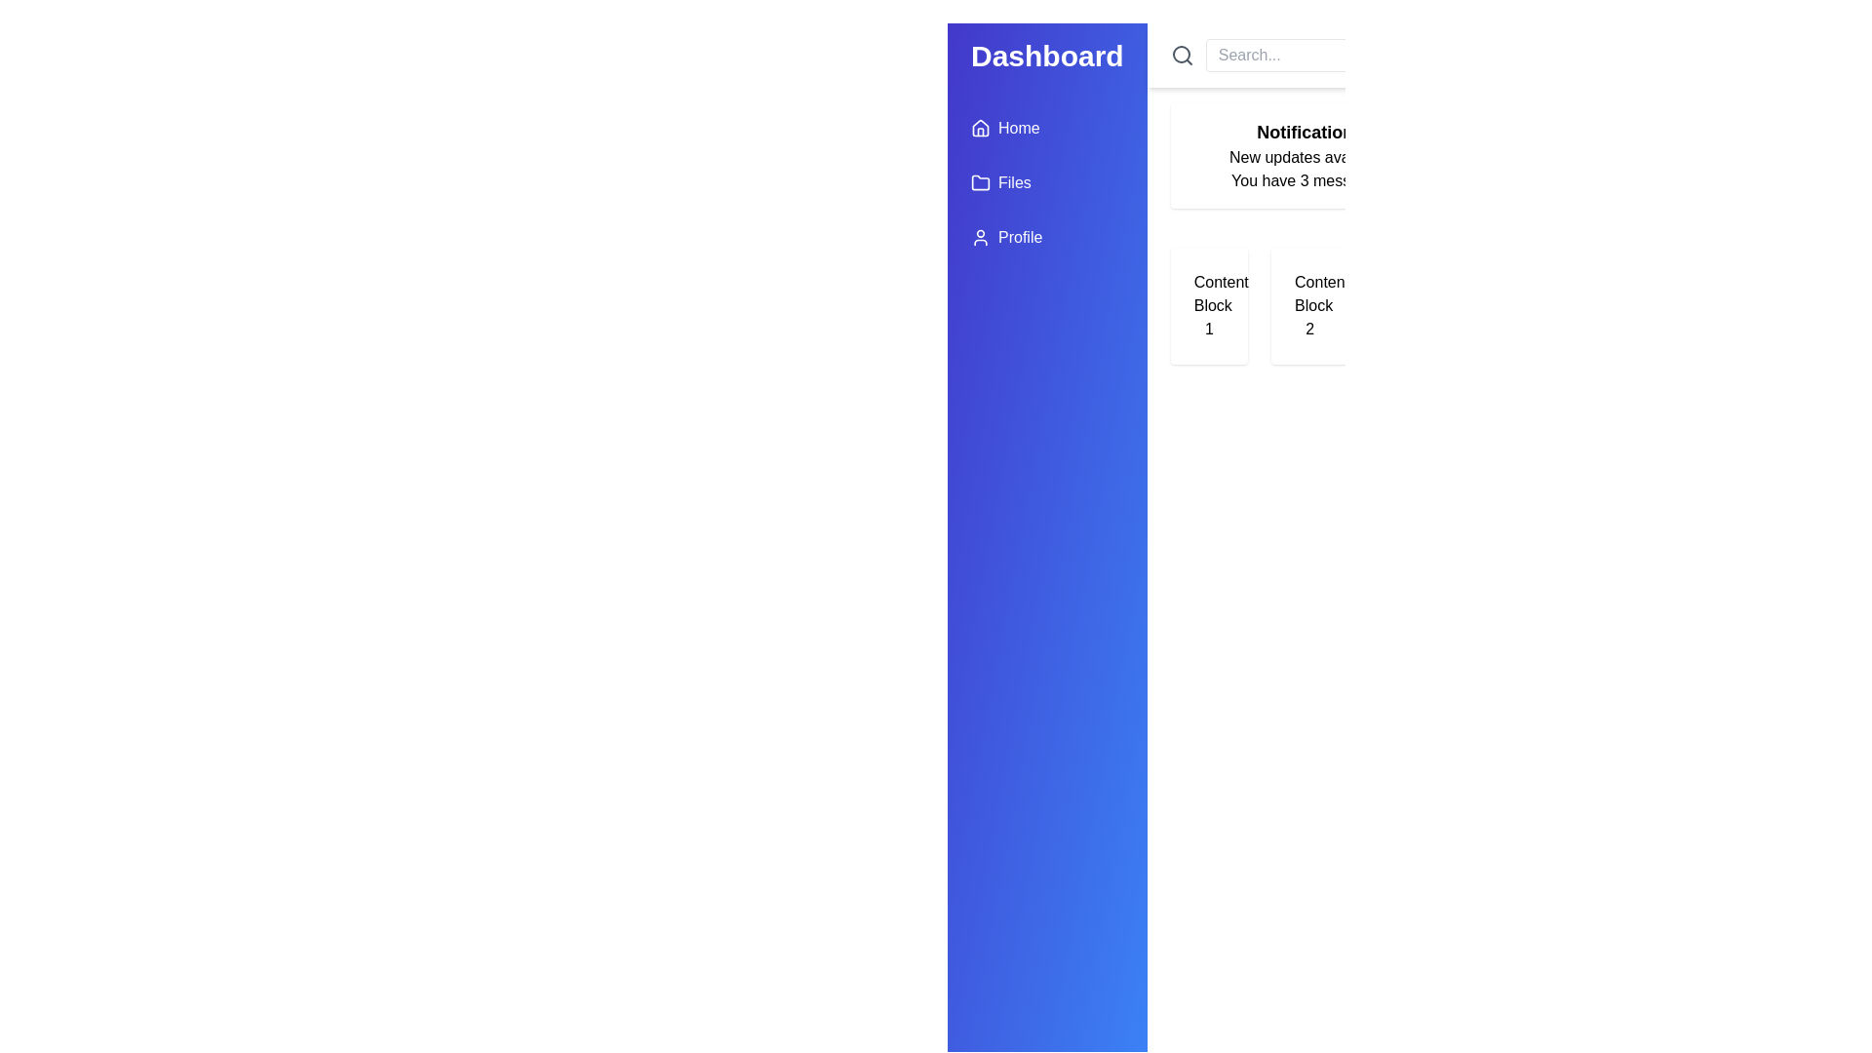  Describe the element at coordinates (981, 128) in the screenshot. I see `the 'Home' icon located in the upper left portion of the sidebar navigation` at that location.